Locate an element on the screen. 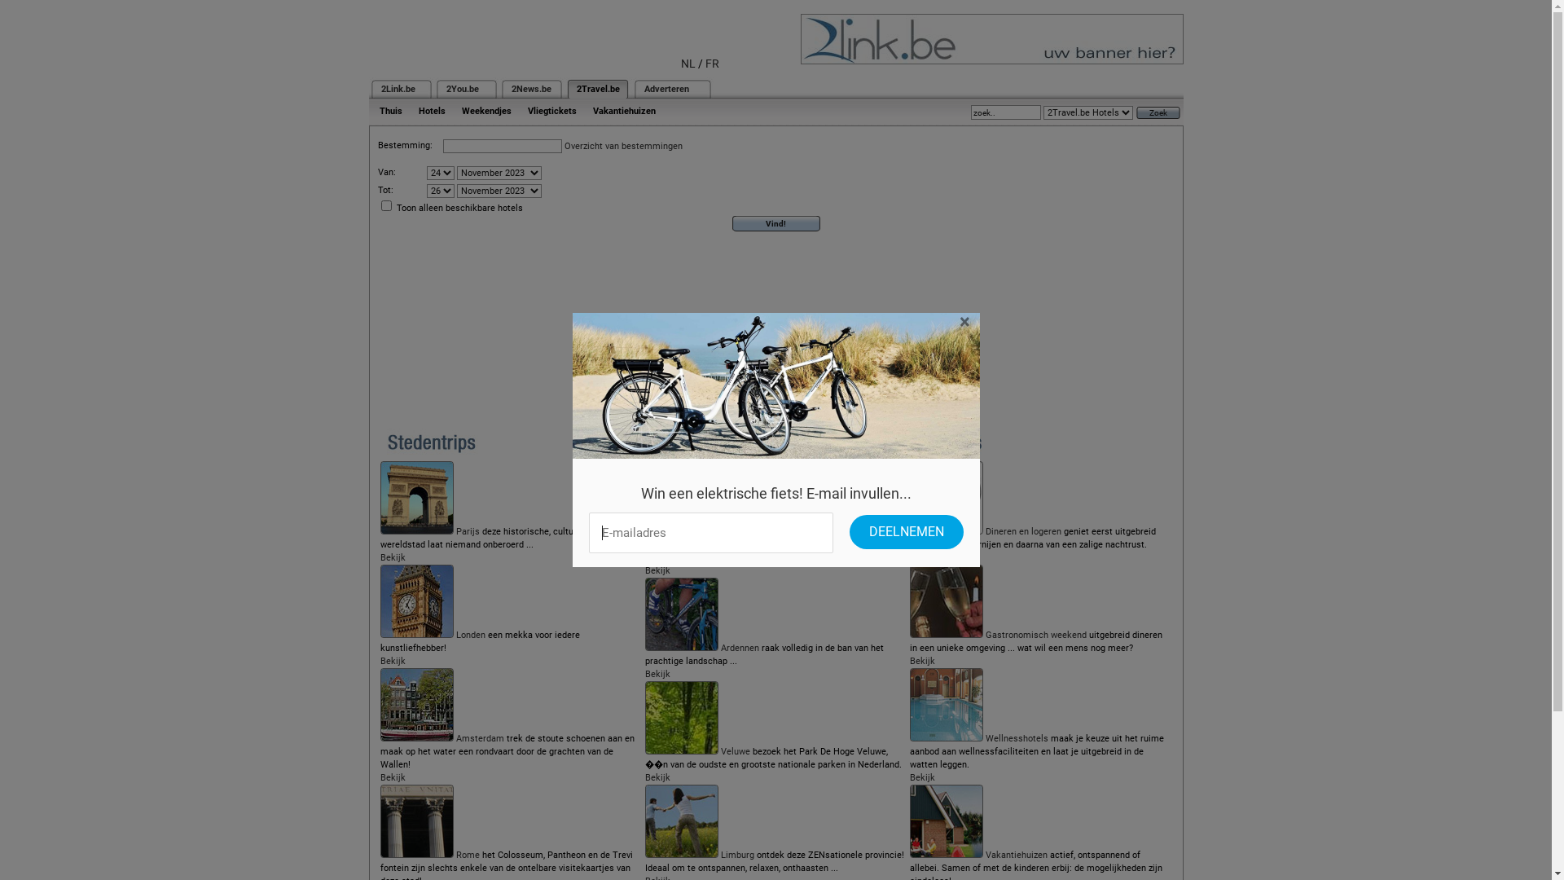 This screenshot has width=1564, height=880. 'Veluwe' is located at coordinates (734, 751).